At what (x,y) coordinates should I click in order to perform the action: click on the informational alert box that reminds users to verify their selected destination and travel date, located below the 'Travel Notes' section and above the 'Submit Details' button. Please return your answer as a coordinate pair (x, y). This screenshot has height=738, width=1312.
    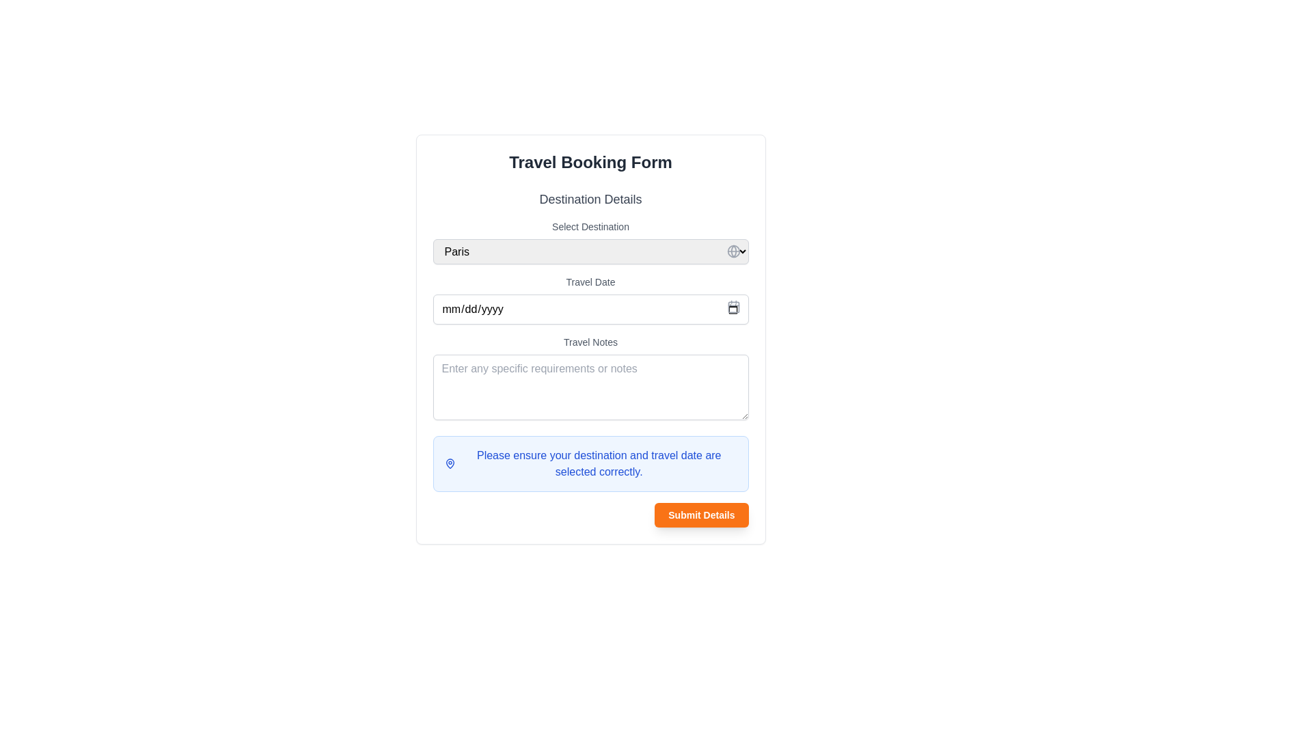
    Looking at the image, I should click on (590, 463).